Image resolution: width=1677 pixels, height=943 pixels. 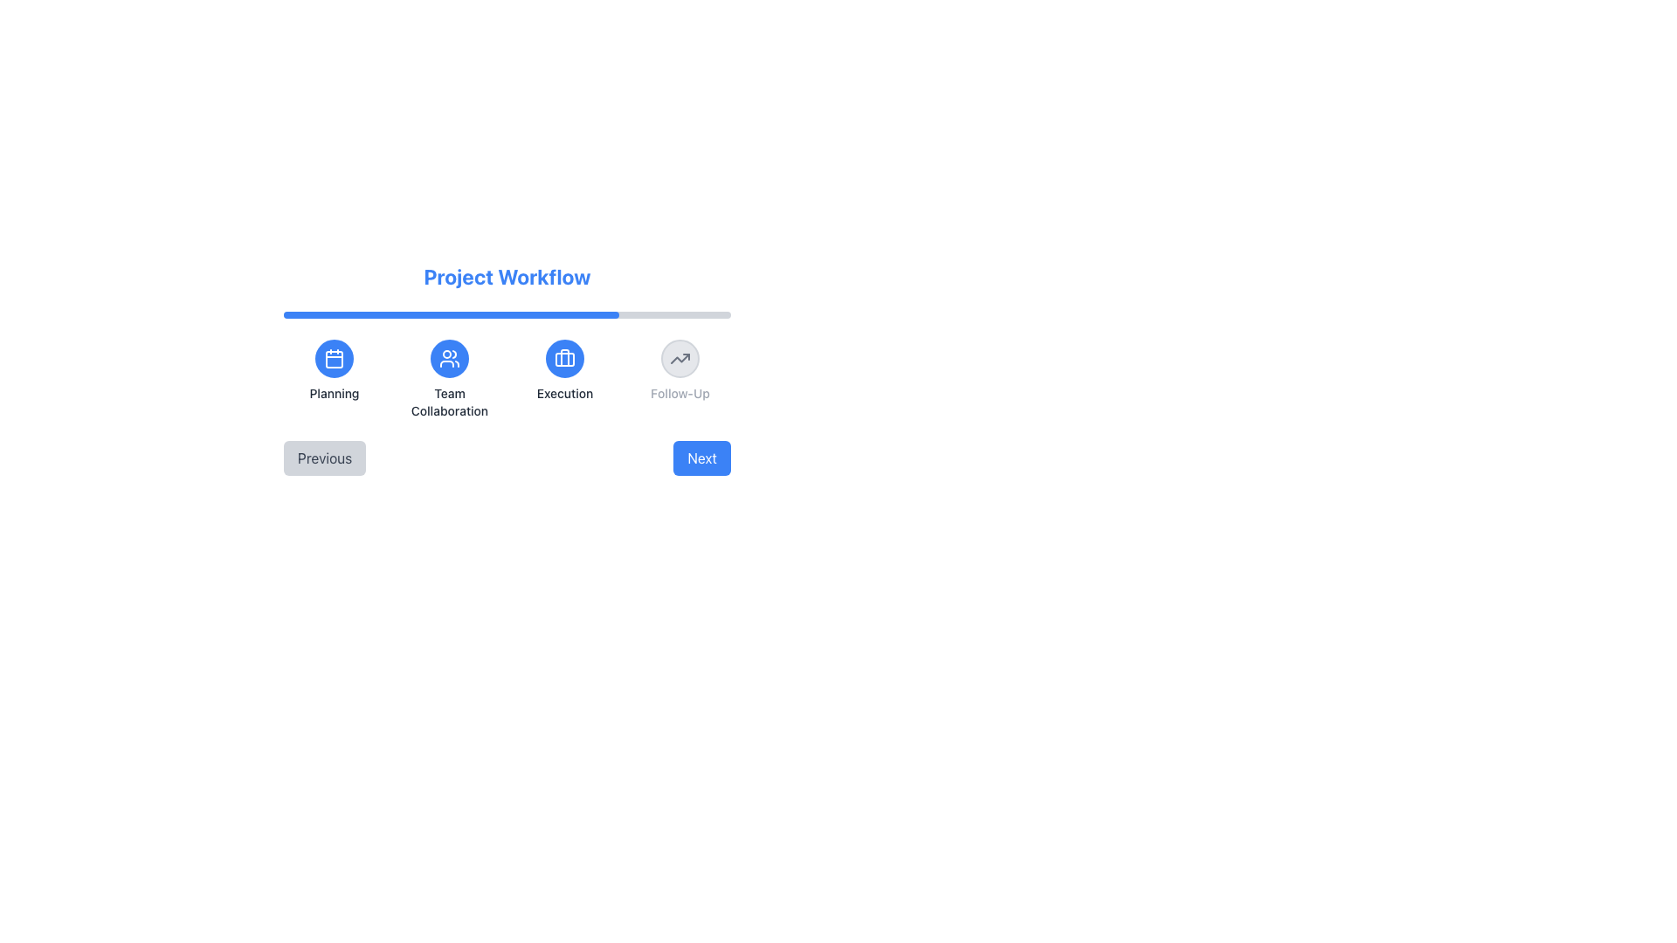 I want to click on the progress bar segment that visually represents a 75% completion indicator, located within a rounded rectangular gray bar at the top of the interface, so click(x=452, y=315).